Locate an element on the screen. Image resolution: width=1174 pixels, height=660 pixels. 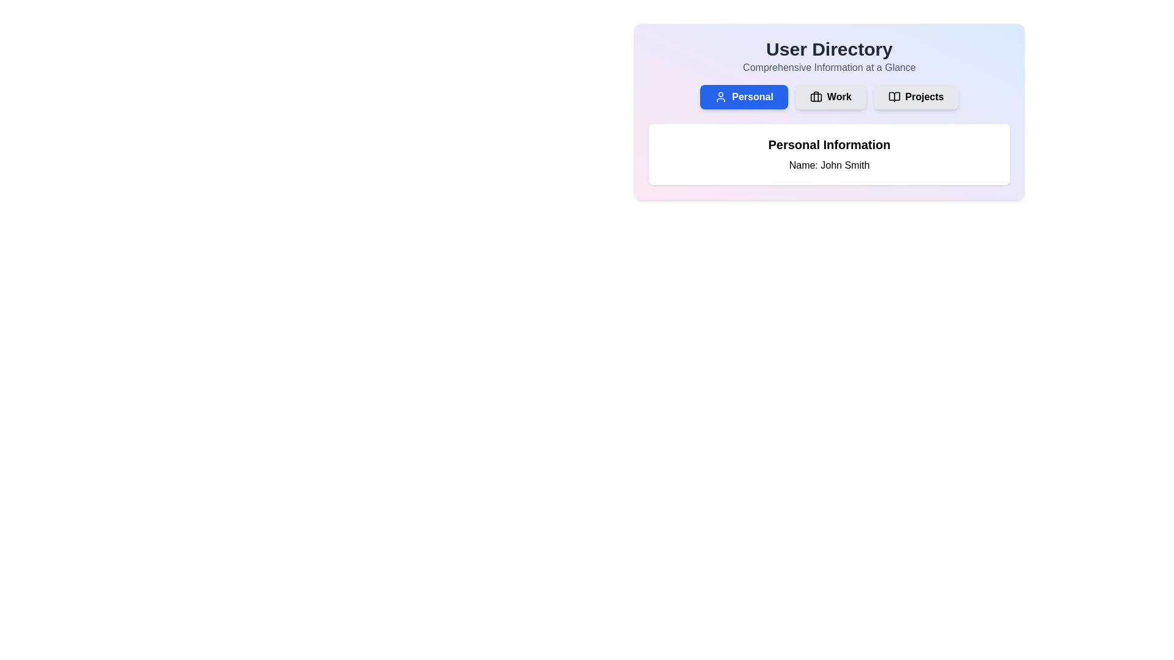
the 'Work' text label within the button to trigger the hover effect is located at coordinates (838, 96).